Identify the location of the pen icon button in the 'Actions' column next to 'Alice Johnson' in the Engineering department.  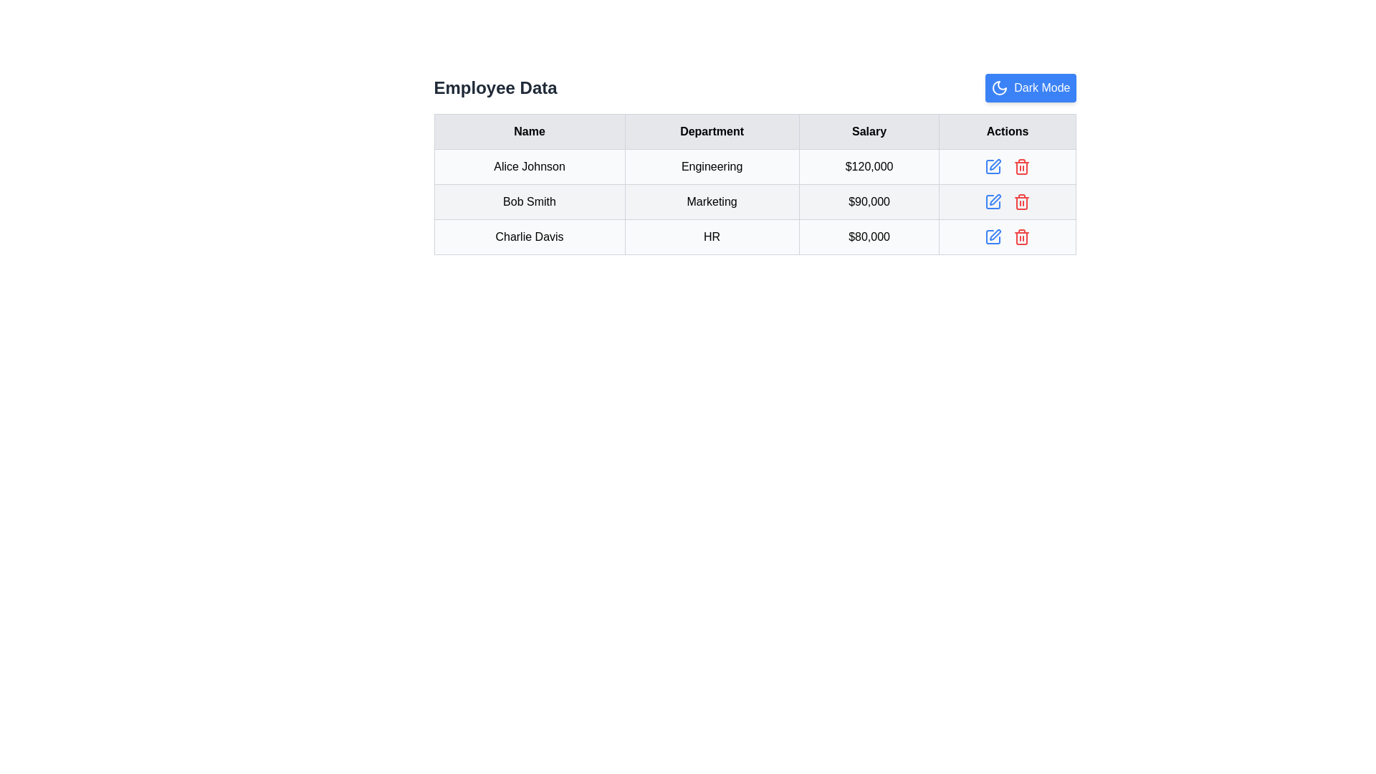
(993, 164).